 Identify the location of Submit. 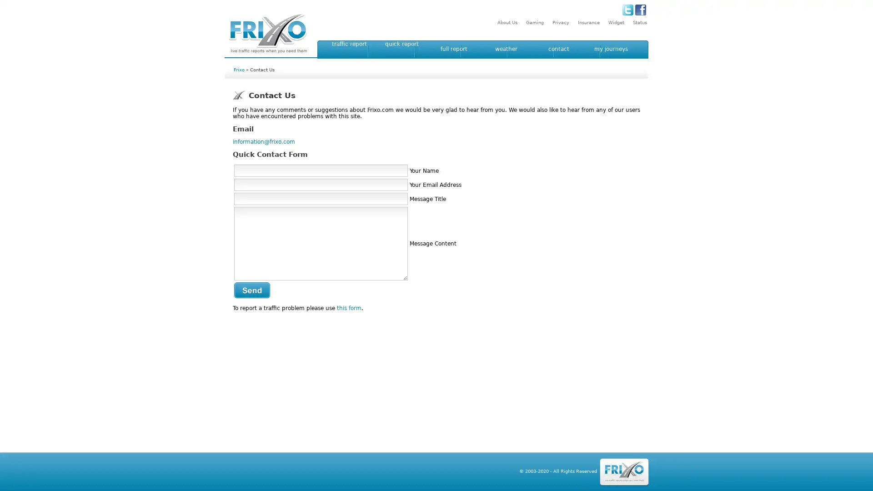
(252, 290).